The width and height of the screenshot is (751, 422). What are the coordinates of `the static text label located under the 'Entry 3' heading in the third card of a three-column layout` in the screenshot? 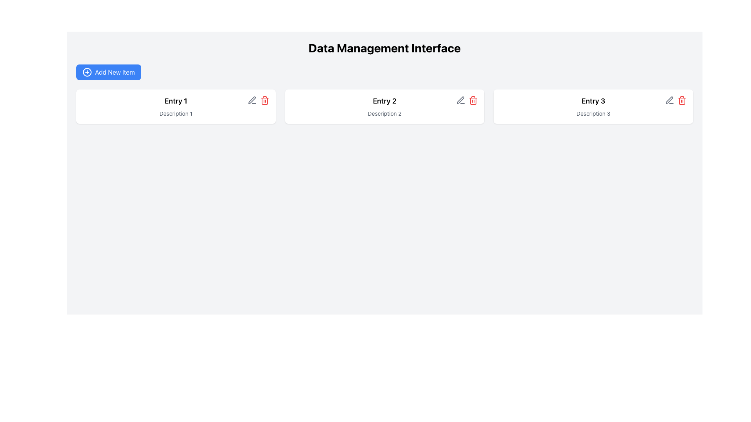 It's located at (593, 113).